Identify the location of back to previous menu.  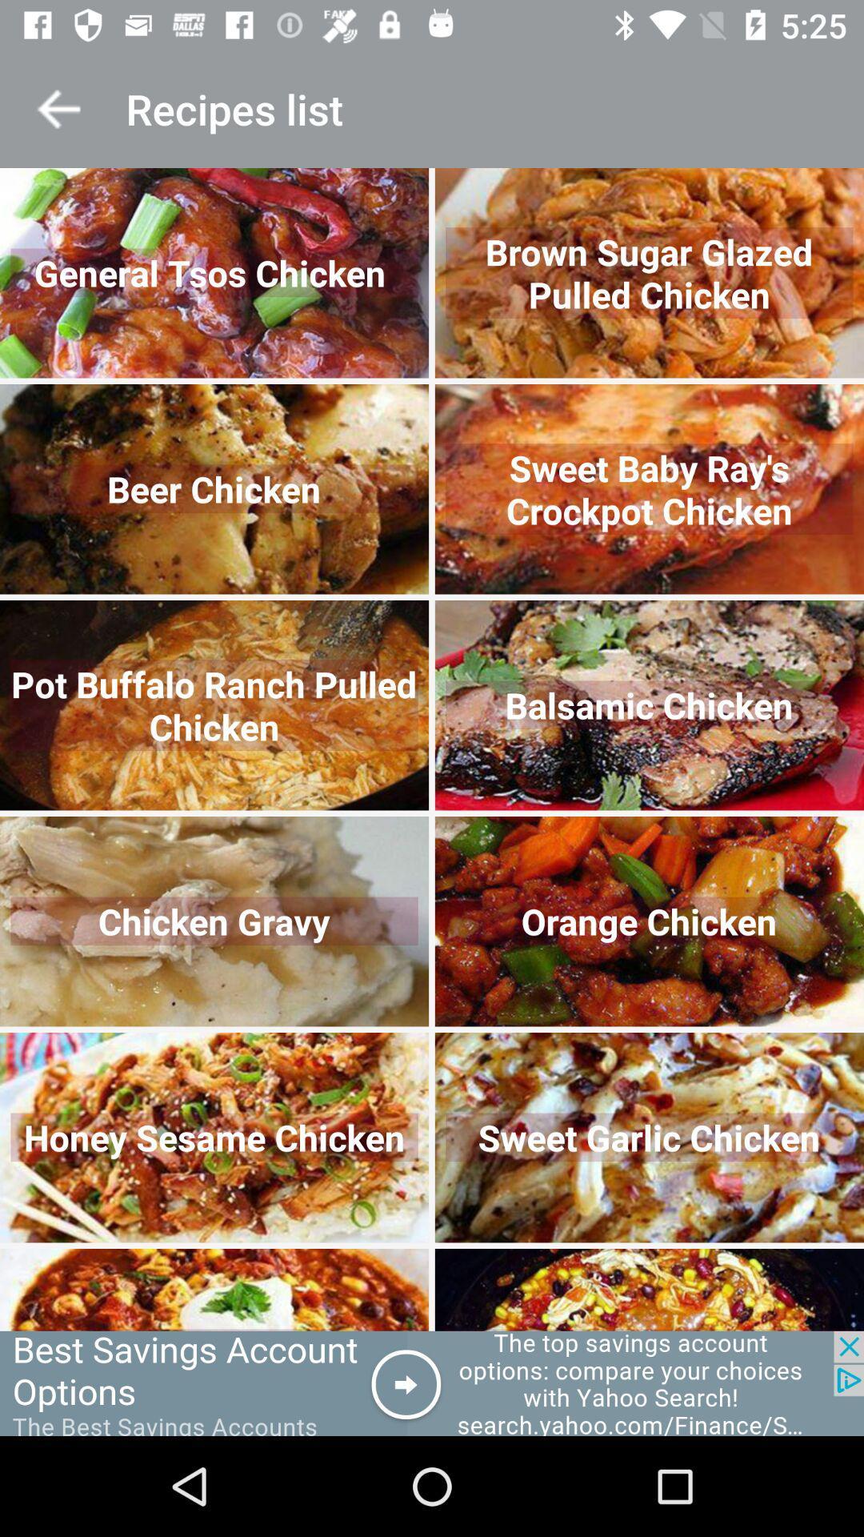
(58, 108).